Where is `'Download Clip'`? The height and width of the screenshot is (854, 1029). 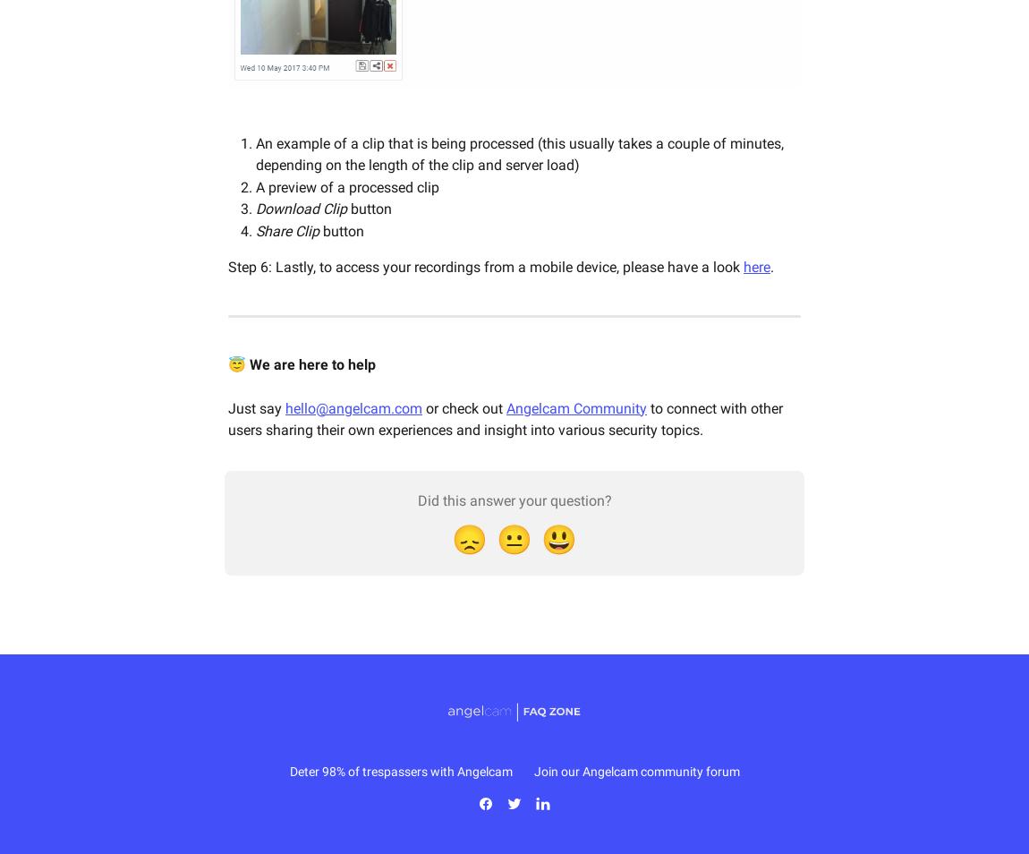
'Download Clip' is located at coordinates (255, 208).